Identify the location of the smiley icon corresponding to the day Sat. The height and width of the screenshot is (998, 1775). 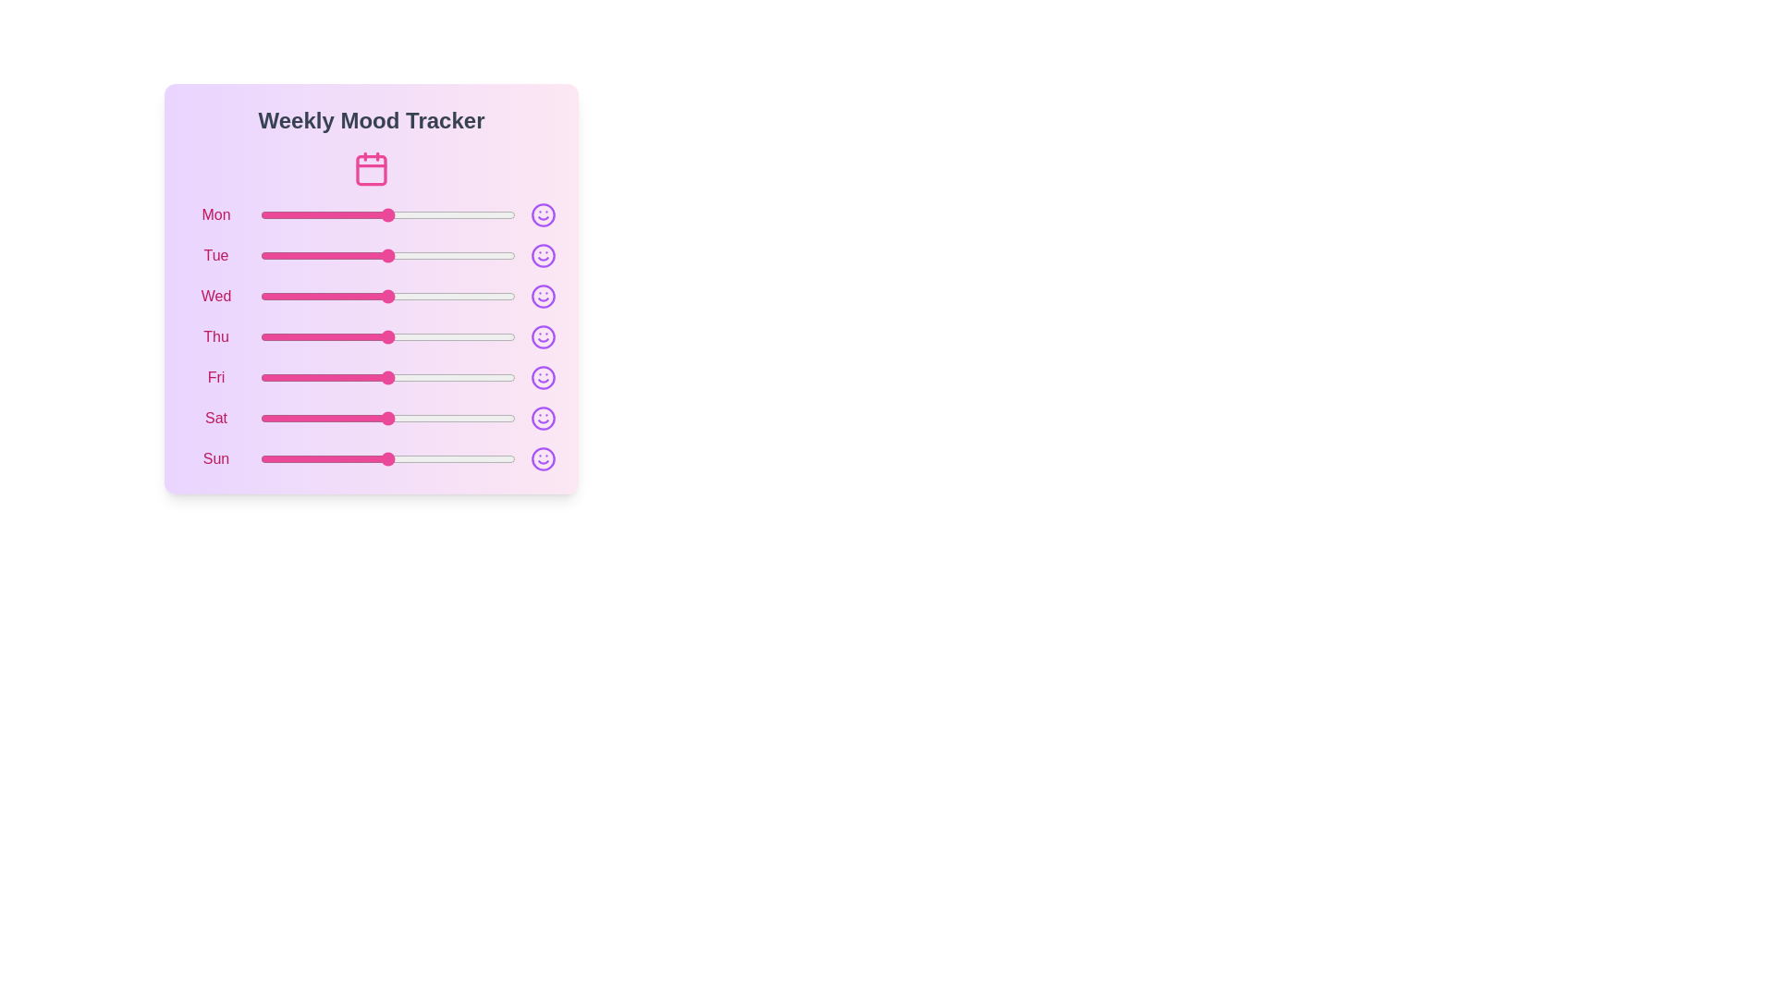
(543, 418).